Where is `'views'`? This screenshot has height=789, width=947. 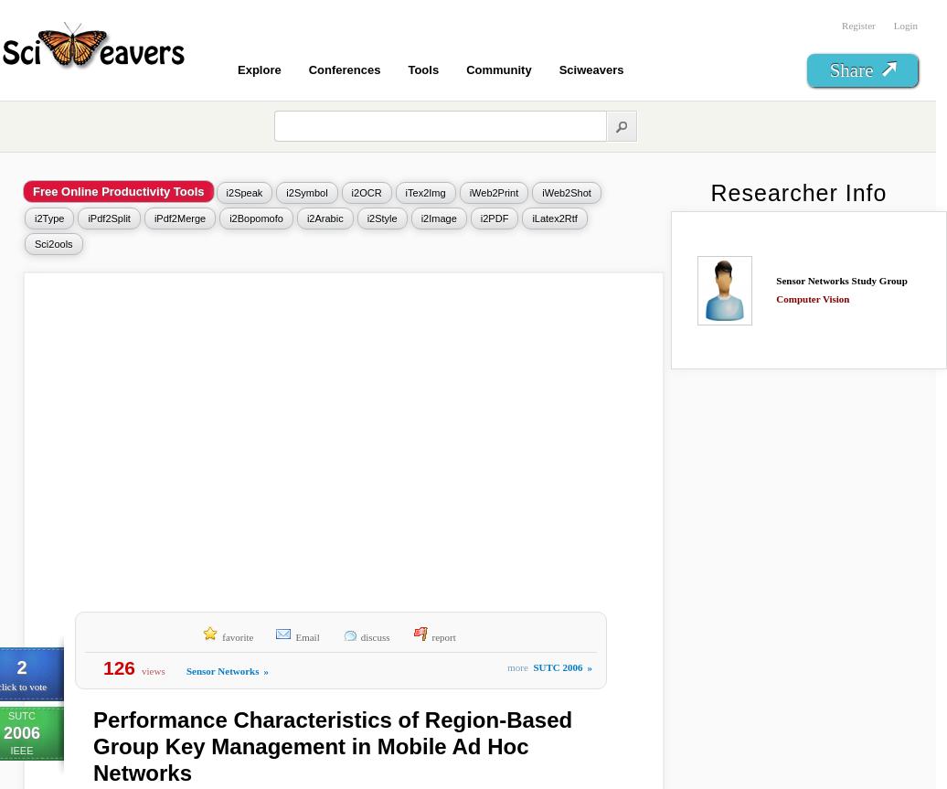
'views' is located at coordinates (153, 670).